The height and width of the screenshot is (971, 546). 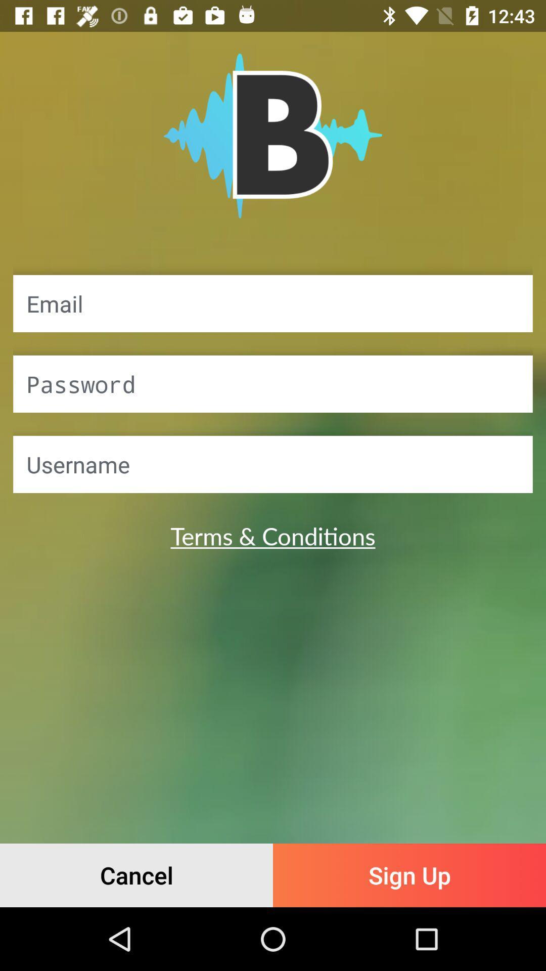 What do you see at coordinates (409, 875) in the screenshot?
I see `icon to the right of the cancel item` at bounding box center [409, 875].